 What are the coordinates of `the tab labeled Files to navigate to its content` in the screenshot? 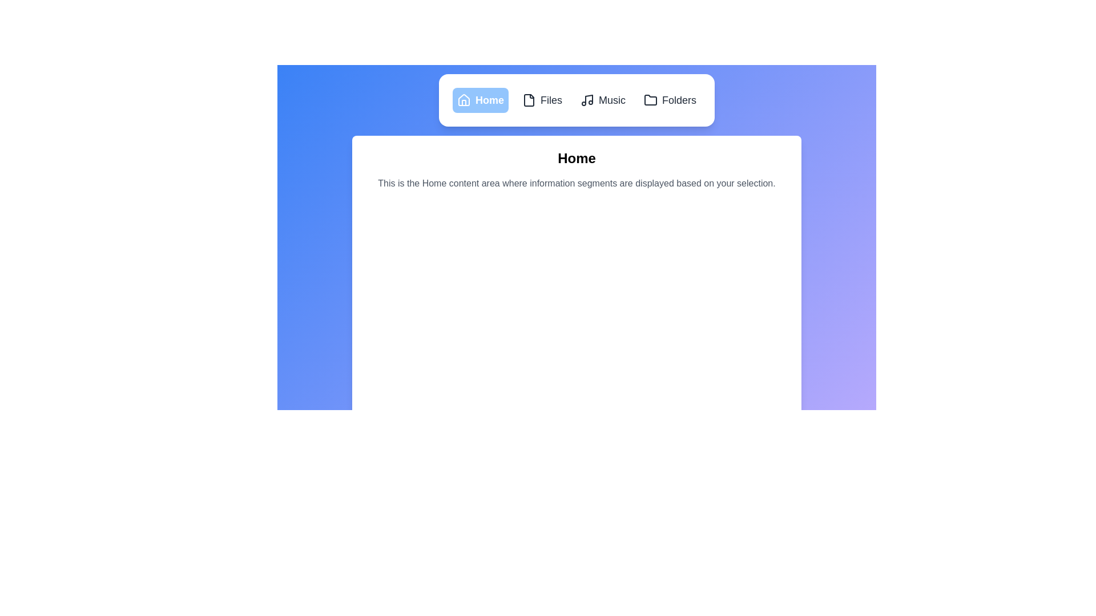 It's located at (542, 100).